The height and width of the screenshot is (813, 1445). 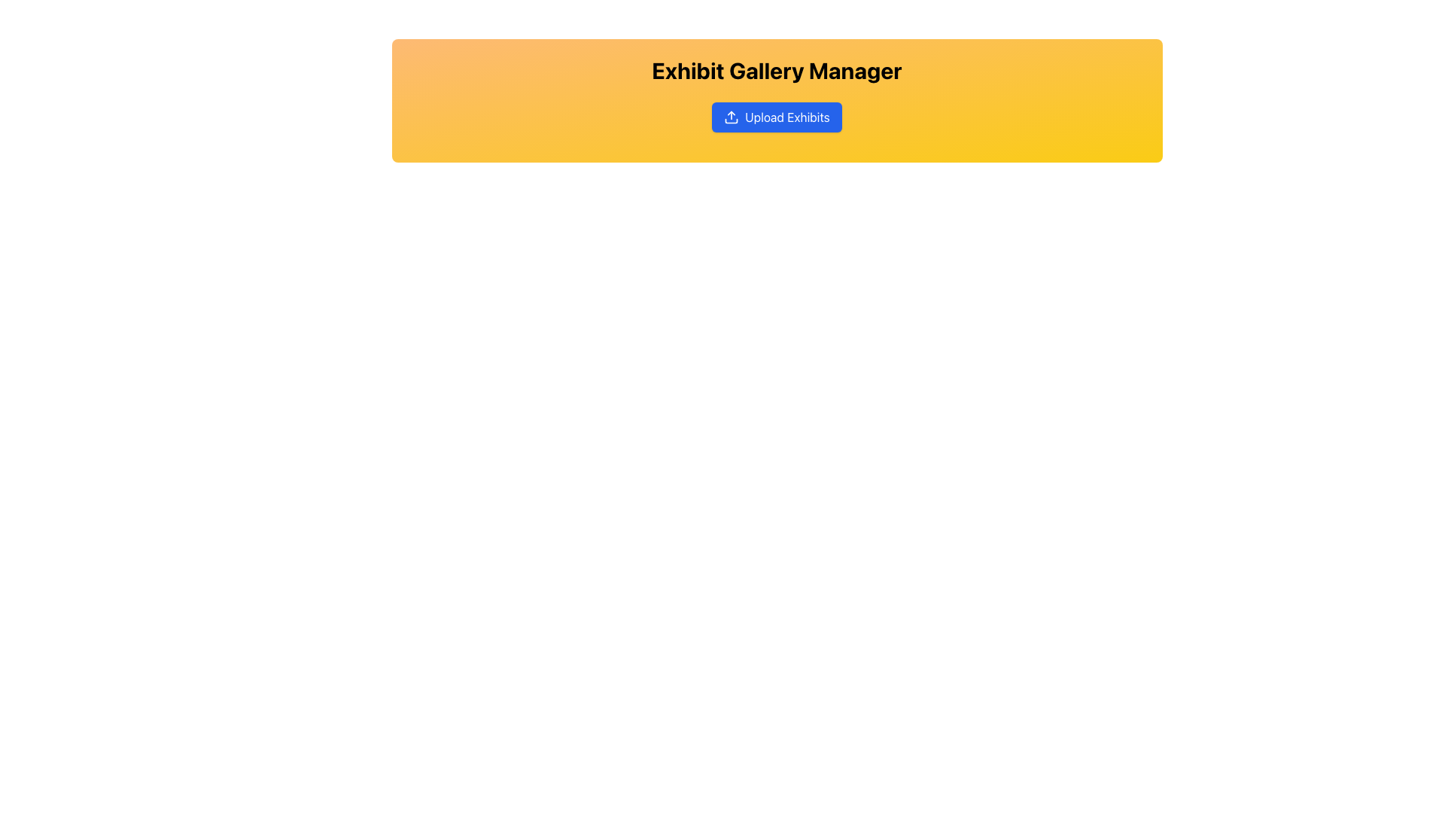 I want to click on the upload icon, which features a minimalist outlined arrow pointing upwards, located to the left of the 'Upload Exhibits' text within the blue button in the Exhibit Gallery Manager section, so click(x=732, y=116).